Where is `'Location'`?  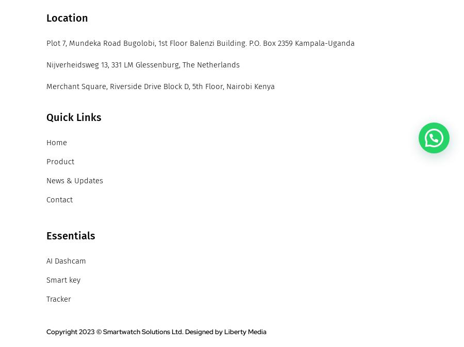
'Location' is located at coordinates (67, 17).